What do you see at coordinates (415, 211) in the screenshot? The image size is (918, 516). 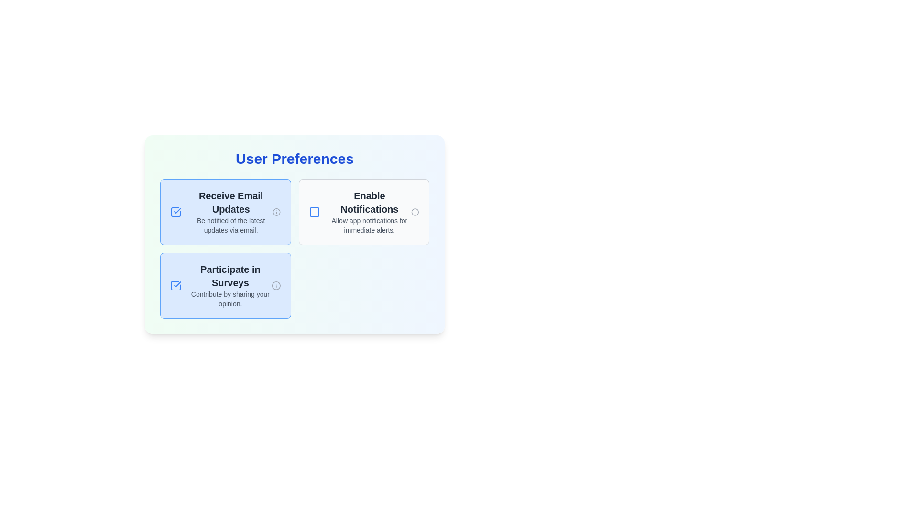 I see `the circular graphical element that is part of the information icon next to 'Enable Notifications' in the user preferences panel` at bounding box center [415, 211].